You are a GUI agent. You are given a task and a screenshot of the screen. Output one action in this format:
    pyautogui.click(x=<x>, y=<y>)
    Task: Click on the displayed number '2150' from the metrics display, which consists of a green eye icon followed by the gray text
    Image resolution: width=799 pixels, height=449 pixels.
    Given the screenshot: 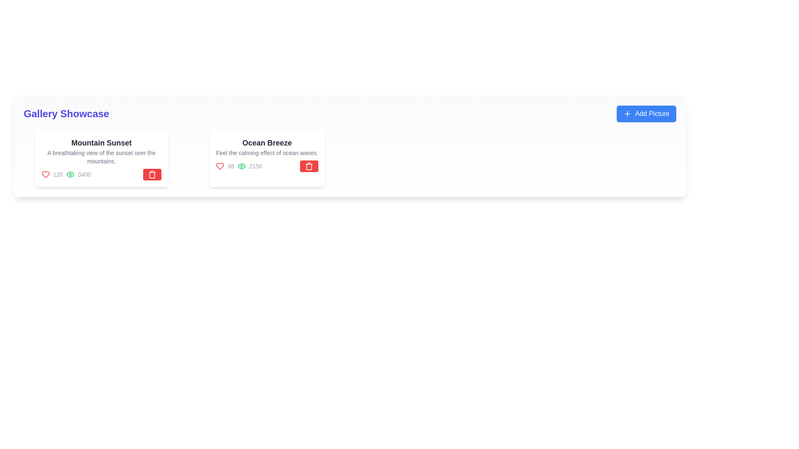 What is the action you would take?
    pyautogui.click(x=238, y=166)
    